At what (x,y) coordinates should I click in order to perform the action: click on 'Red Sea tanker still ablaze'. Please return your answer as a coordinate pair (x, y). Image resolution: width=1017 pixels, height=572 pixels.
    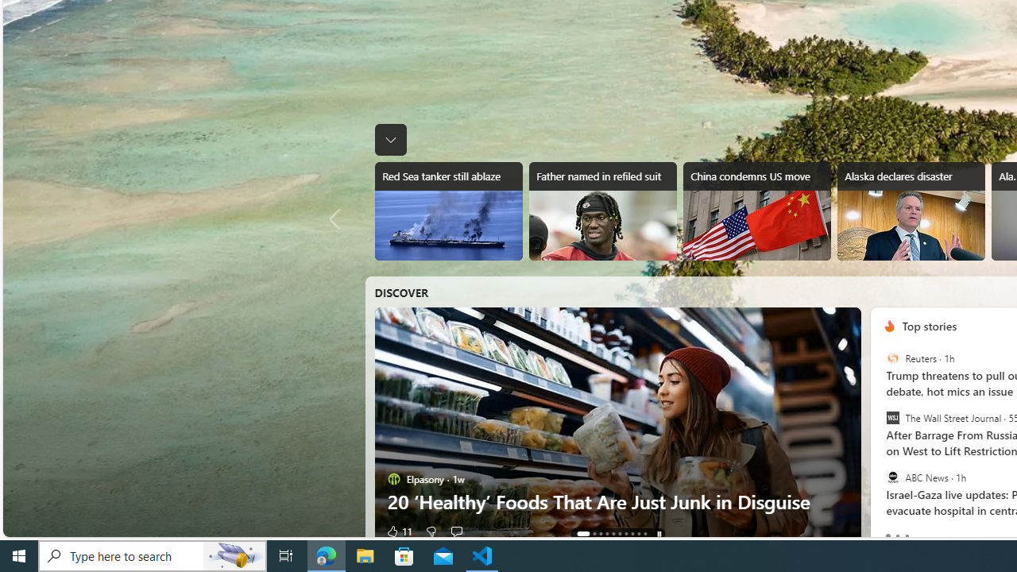
    Looking at the image, I should click on (447, 211).